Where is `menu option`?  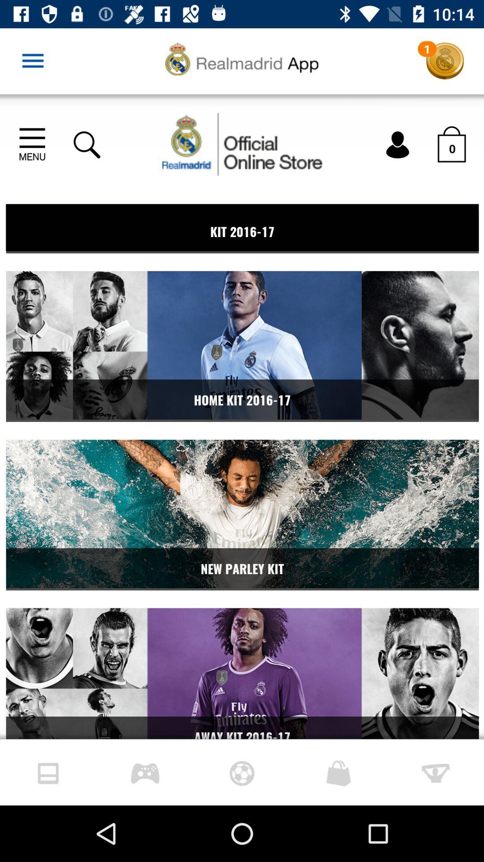
menu option is located at coordinates (32, 61).